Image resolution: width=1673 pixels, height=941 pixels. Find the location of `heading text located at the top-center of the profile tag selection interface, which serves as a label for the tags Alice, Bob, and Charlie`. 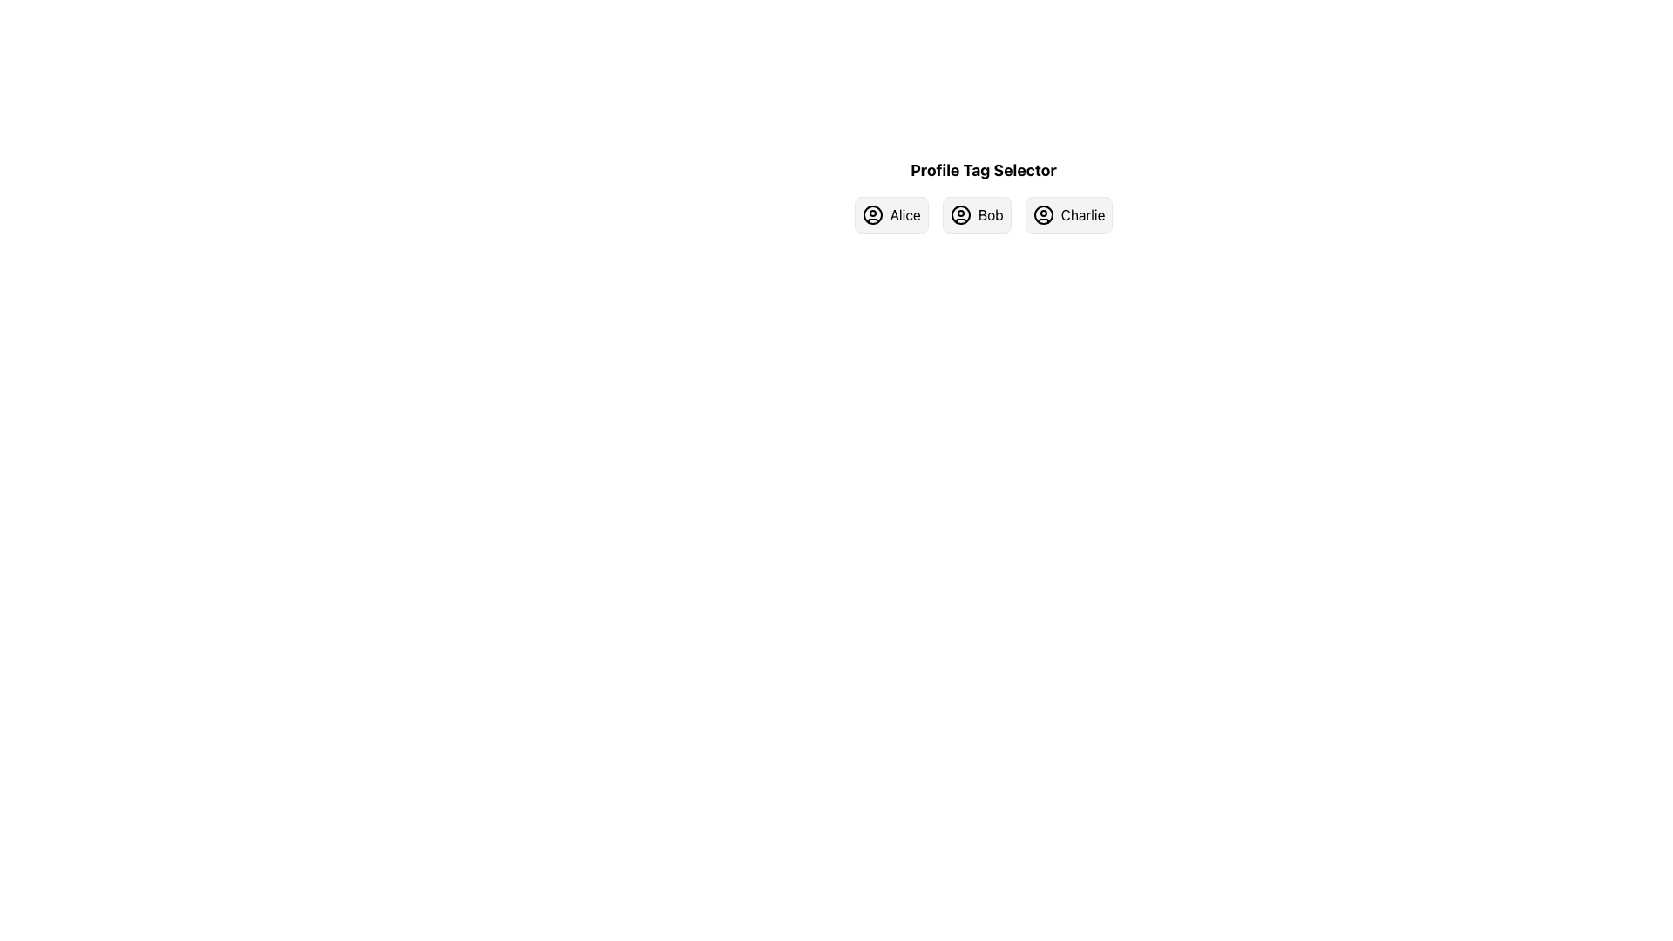

heading text located at the top-center of the profile tag selection interface, which serves as a label for the tags Alice, Bob, and Charlie is located at coordinates (983, 171).